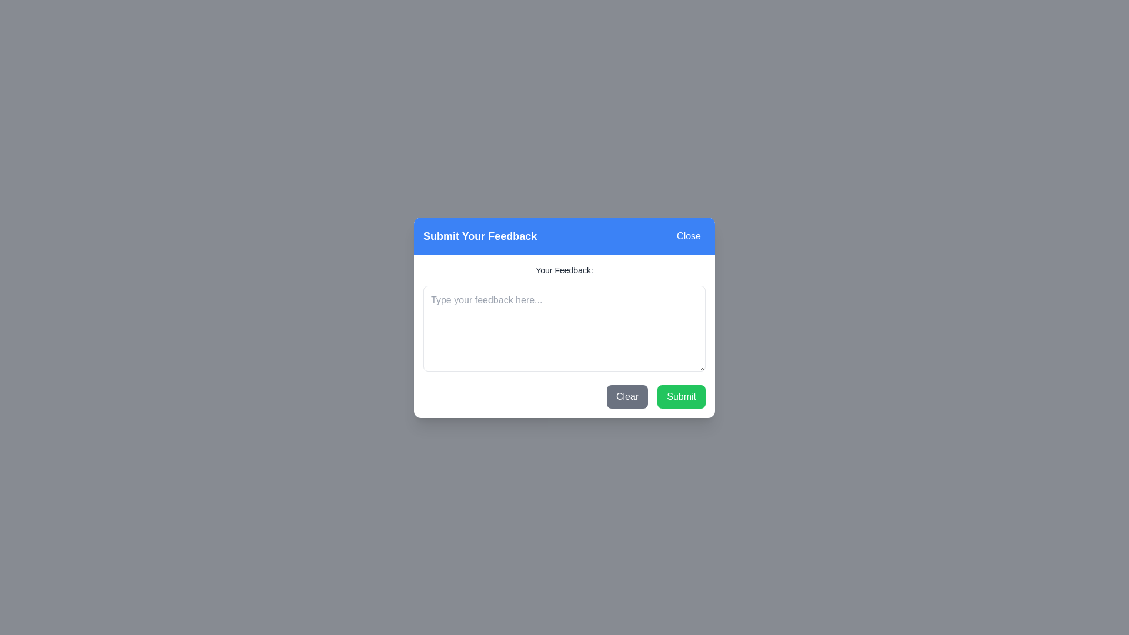 The width and height of the screenshot is (1129, 635). I want to click on 'Submit' button to submit the feedback, so click(681, 396).